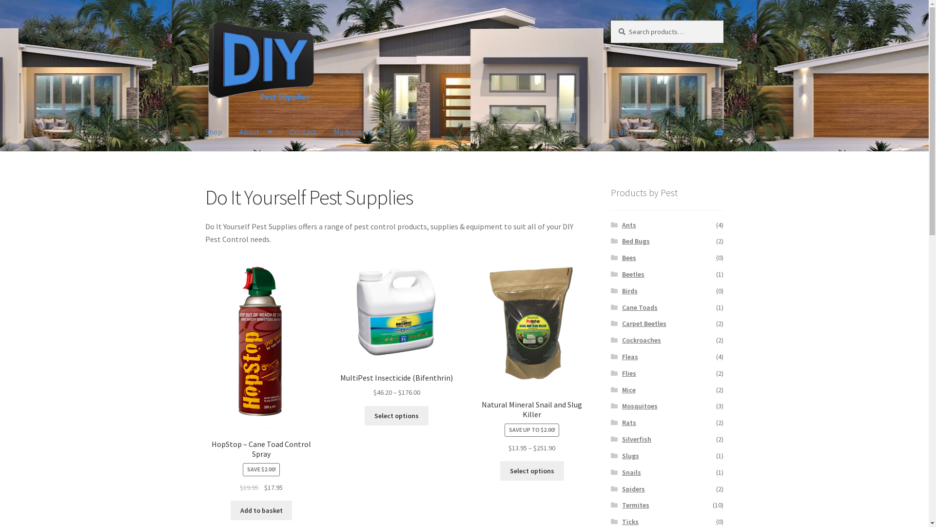  Describe the element at coordinates (636, 241) in the screenshot. I see `'Bed Bugs'` at that location.